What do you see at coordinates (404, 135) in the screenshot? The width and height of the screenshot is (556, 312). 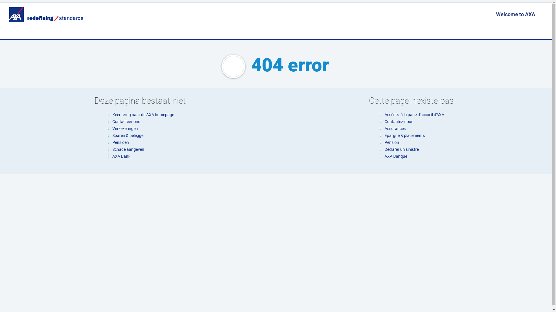 I see `'Epargne & placements'` at bounding box center [404, 135].